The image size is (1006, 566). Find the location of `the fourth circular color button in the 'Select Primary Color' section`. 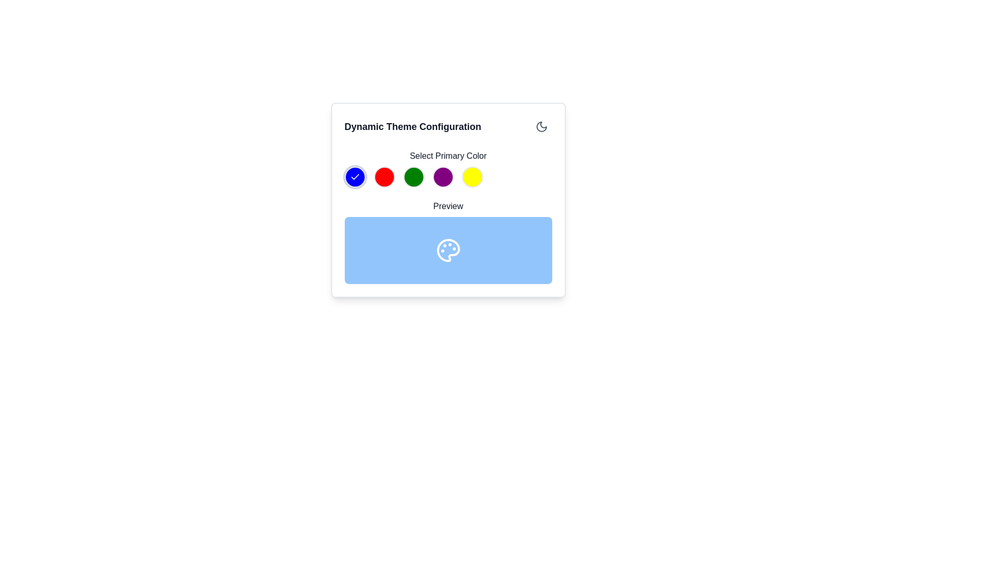

the fourth circular color button in the 'Select Primary Color' section is located at coordinates (448, 177).